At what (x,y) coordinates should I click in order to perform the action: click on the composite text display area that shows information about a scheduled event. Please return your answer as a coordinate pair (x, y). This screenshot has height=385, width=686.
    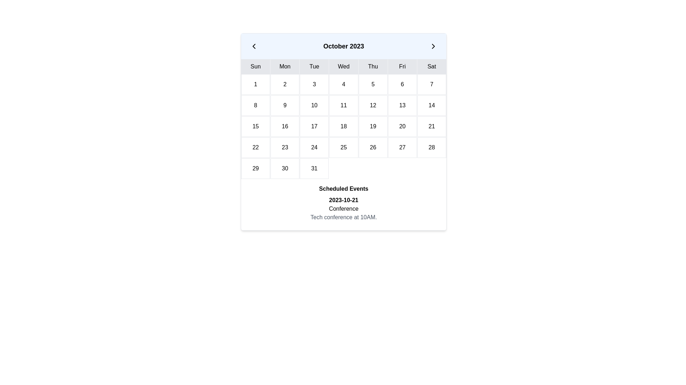
    Looking at the image, I should click on (343, 209).